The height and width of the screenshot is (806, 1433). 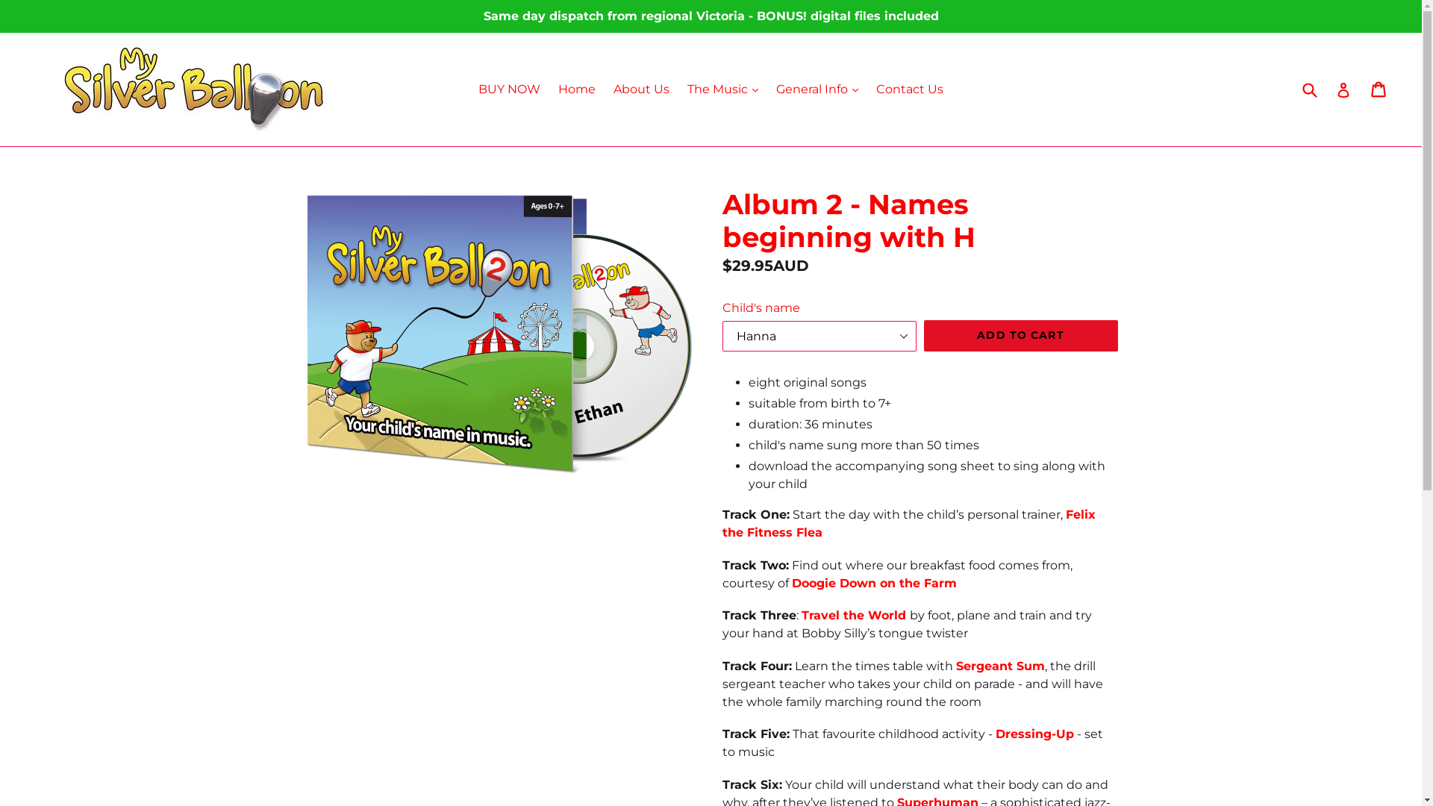 I want to click on 'Submit', so click(x=1308, y=89).